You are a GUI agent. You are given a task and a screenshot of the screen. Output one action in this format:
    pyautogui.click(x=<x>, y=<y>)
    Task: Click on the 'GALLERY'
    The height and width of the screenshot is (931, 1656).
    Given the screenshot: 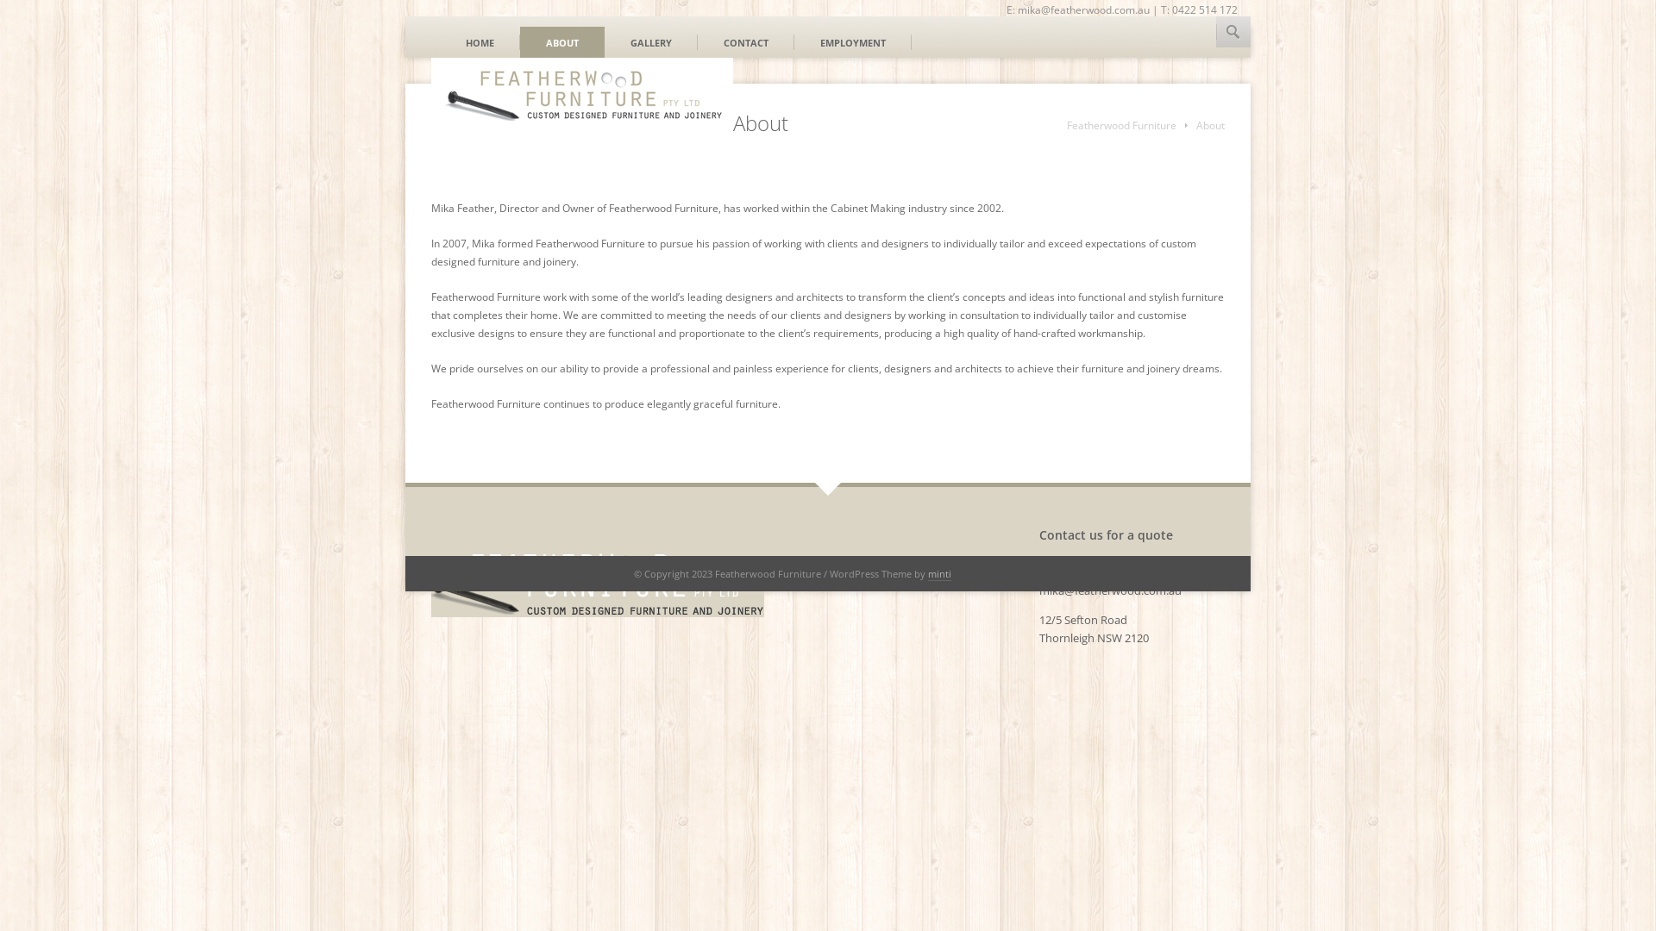 What is the action you would take?
    pyautogui.click(x=649, y=41)
    